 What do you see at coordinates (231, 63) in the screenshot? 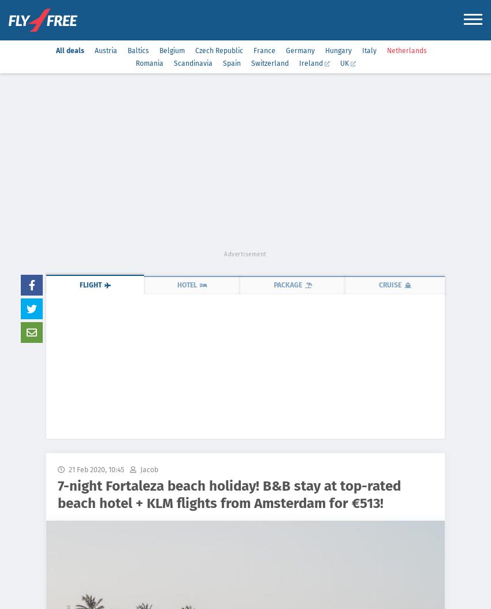
I see `'Spain'` at bounding box center [231, 63].